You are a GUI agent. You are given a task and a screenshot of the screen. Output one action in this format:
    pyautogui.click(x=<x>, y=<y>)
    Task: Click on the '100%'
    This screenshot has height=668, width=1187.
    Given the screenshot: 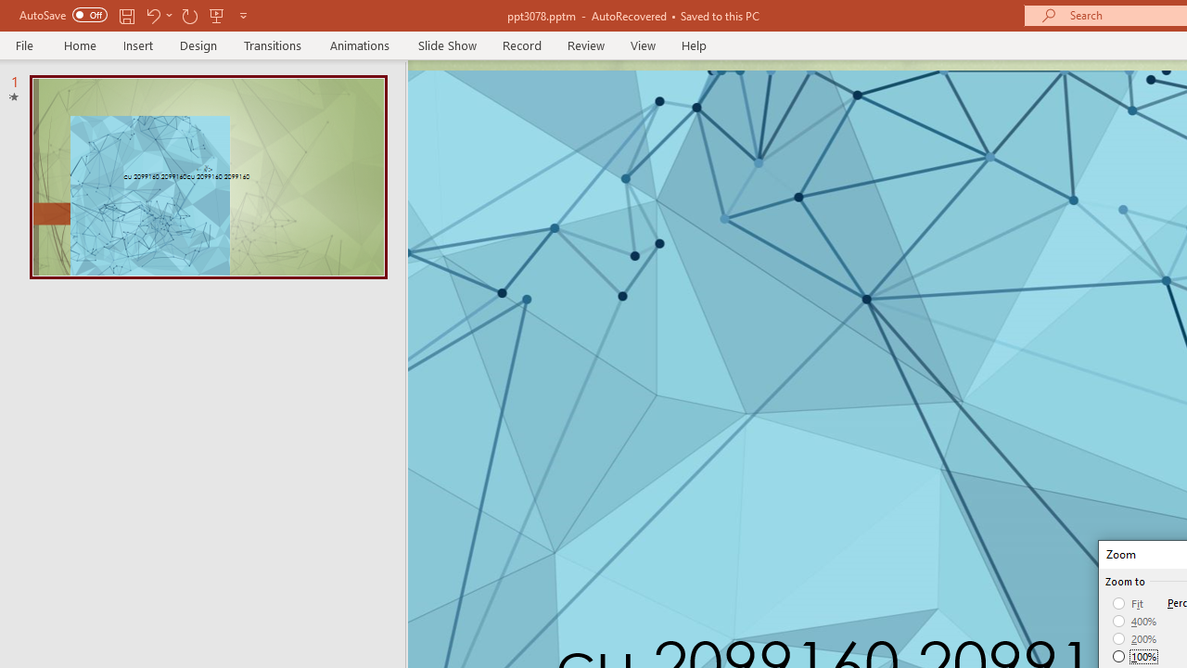 What is the action you would take?
    pyautogui.click(x=1134, y=655)
    